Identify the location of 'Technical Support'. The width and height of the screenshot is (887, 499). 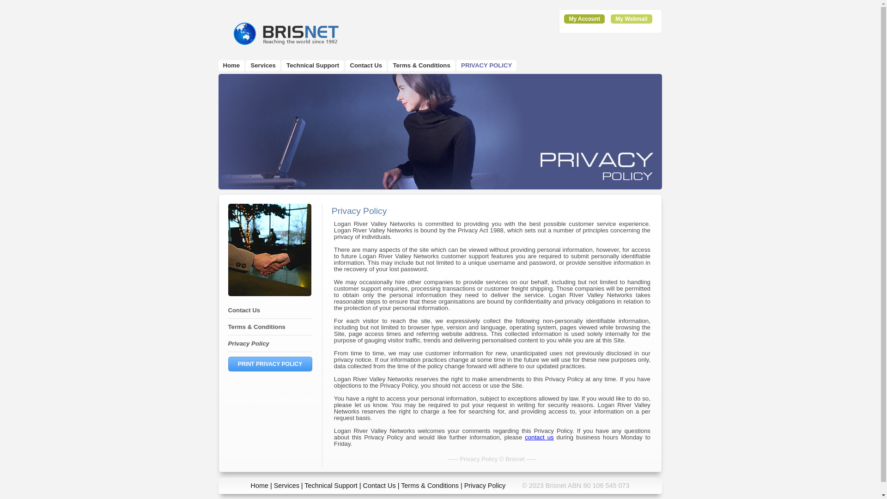
(330, 485).